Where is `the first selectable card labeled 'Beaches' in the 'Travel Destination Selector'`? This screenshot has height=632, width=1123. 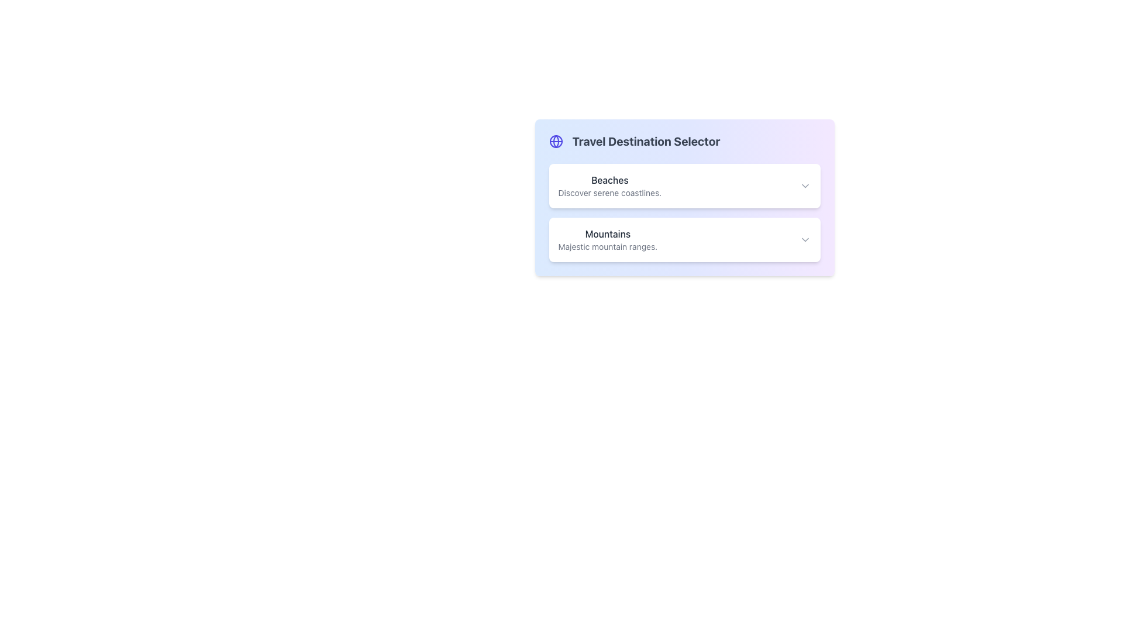
the first selectable card labeled 'Beaches' in the 'Travel Destination Selector' is located at coordinates (684, 185).